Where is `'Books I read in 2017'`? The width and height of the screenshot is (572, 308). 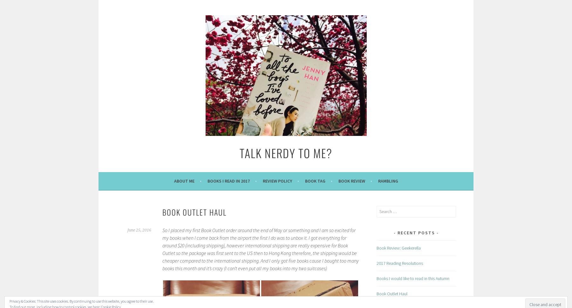 'Books I read in 2017' is located at coordinates (207, 180).